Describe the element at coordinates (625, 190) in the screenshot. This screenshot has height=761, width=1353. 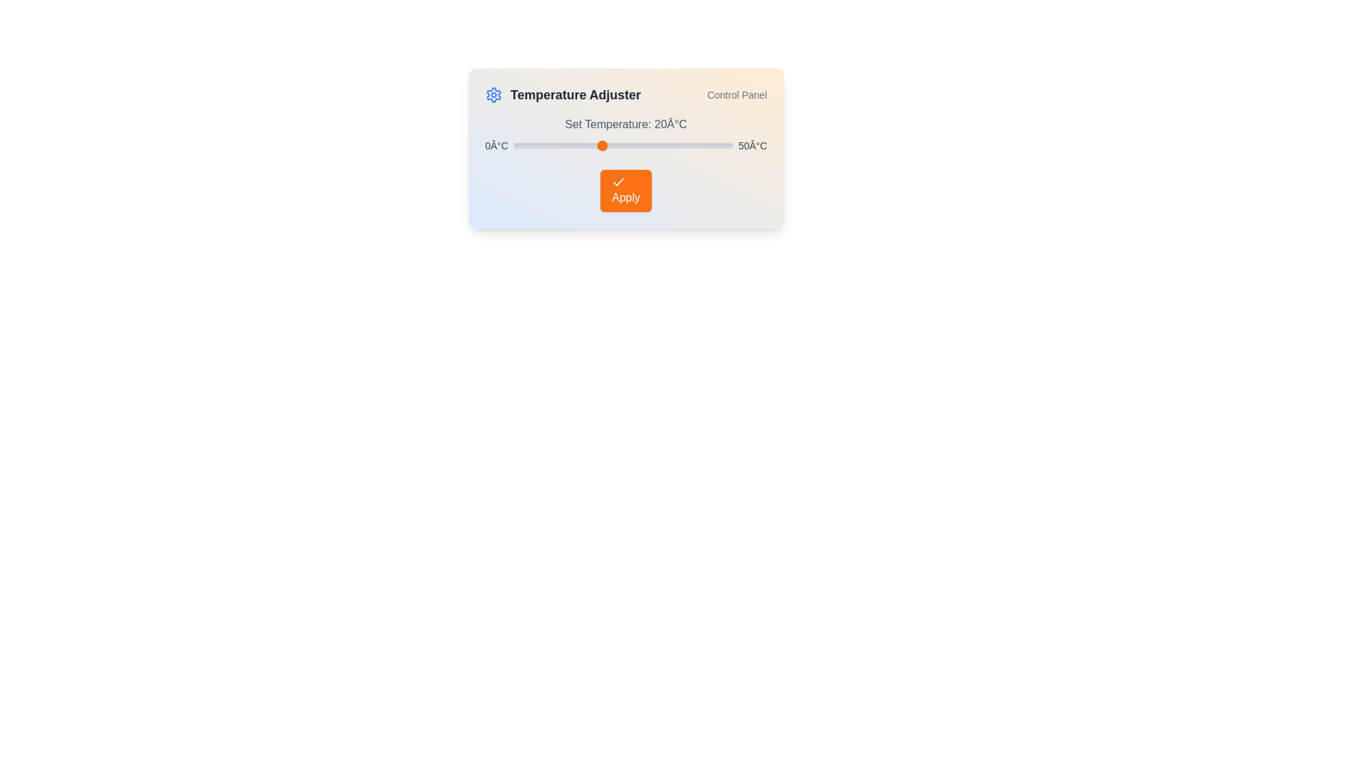
I see `the Apply button to confirm the selected temperature` at that location.